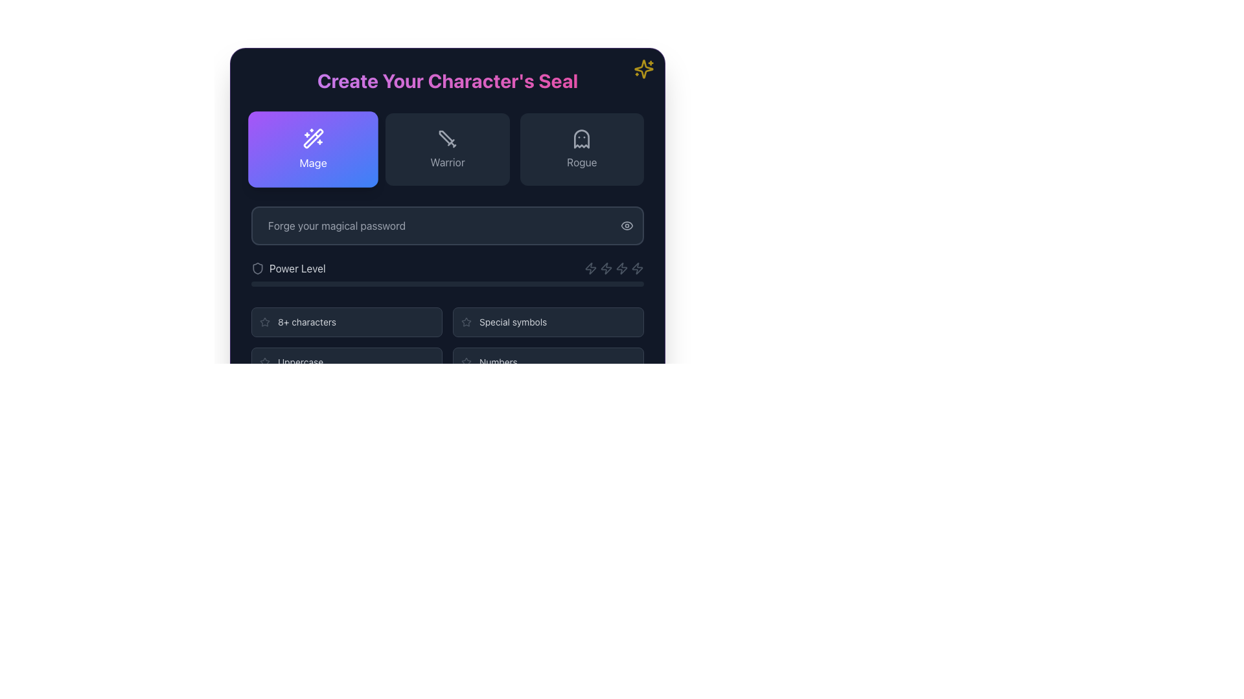 The height and width of the screenshot is (699, 1244). I want to click on the progress bar, so click(501, 283).